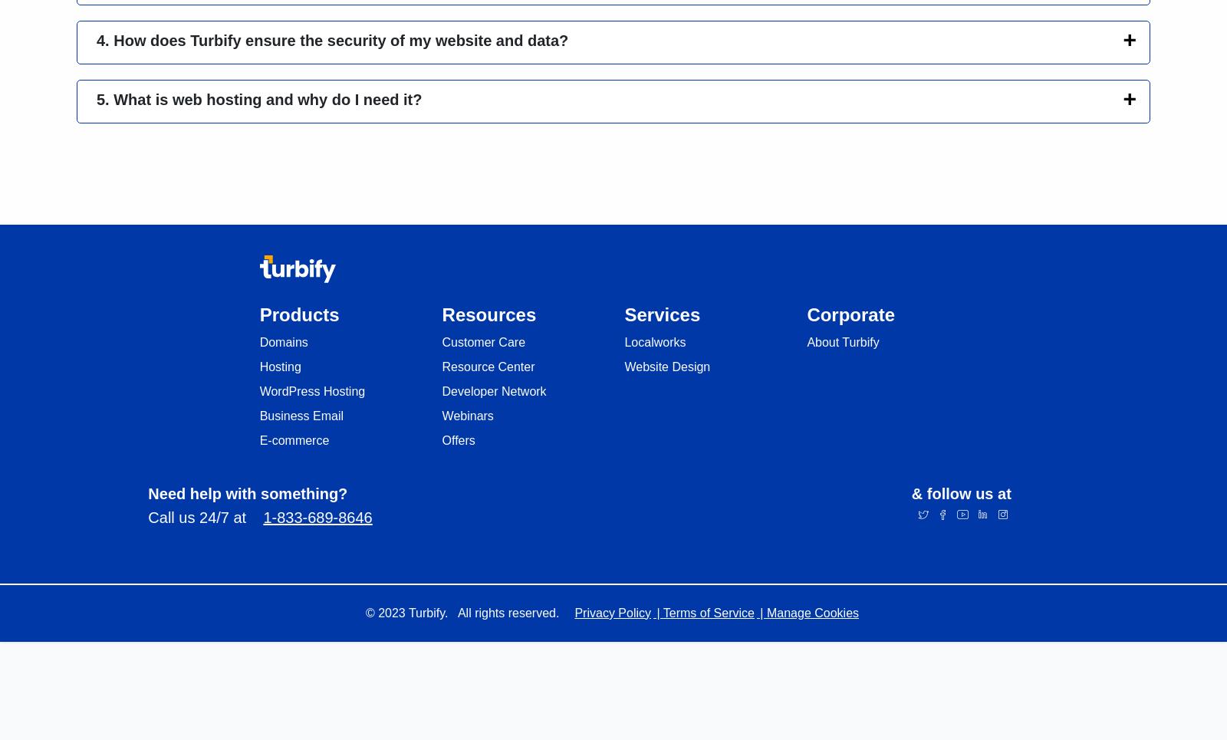 This screenshot has width=1227, height=740. Describe the element at coordinates (441, 314) in the screenshot. I see `'Resources'` at that location.